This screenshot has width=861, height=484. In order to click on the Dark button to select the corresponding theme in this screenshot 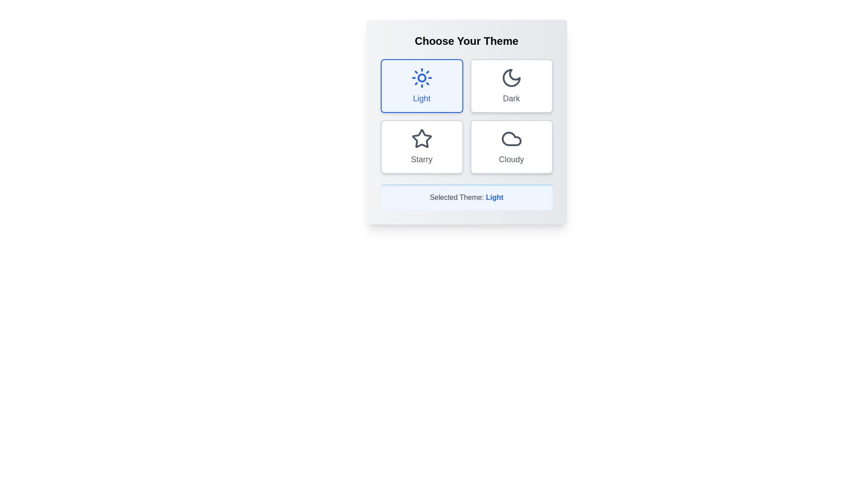, I will do `click(511, 86)`.